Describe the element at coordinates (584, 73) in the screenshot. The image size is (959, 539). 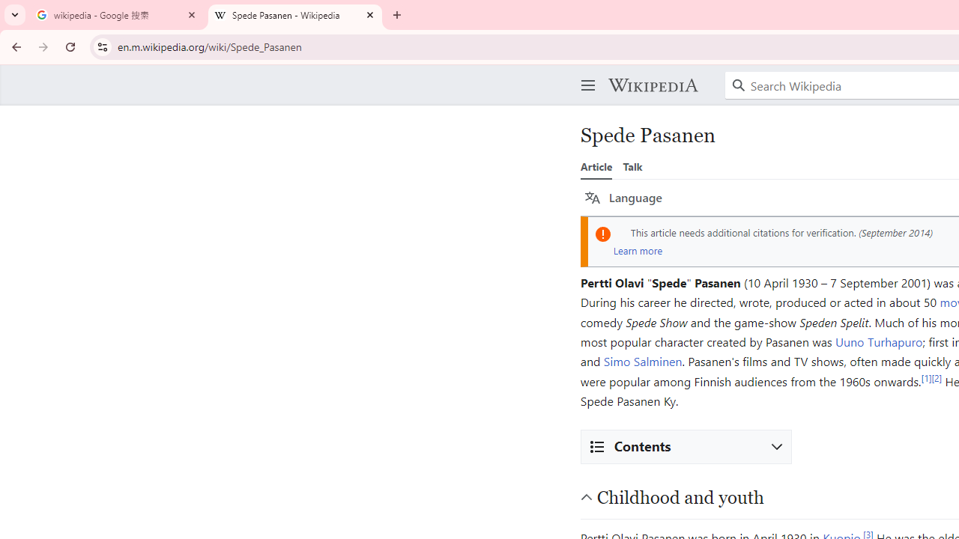
I see `'AutomationID: main-menu-input'` at that location.